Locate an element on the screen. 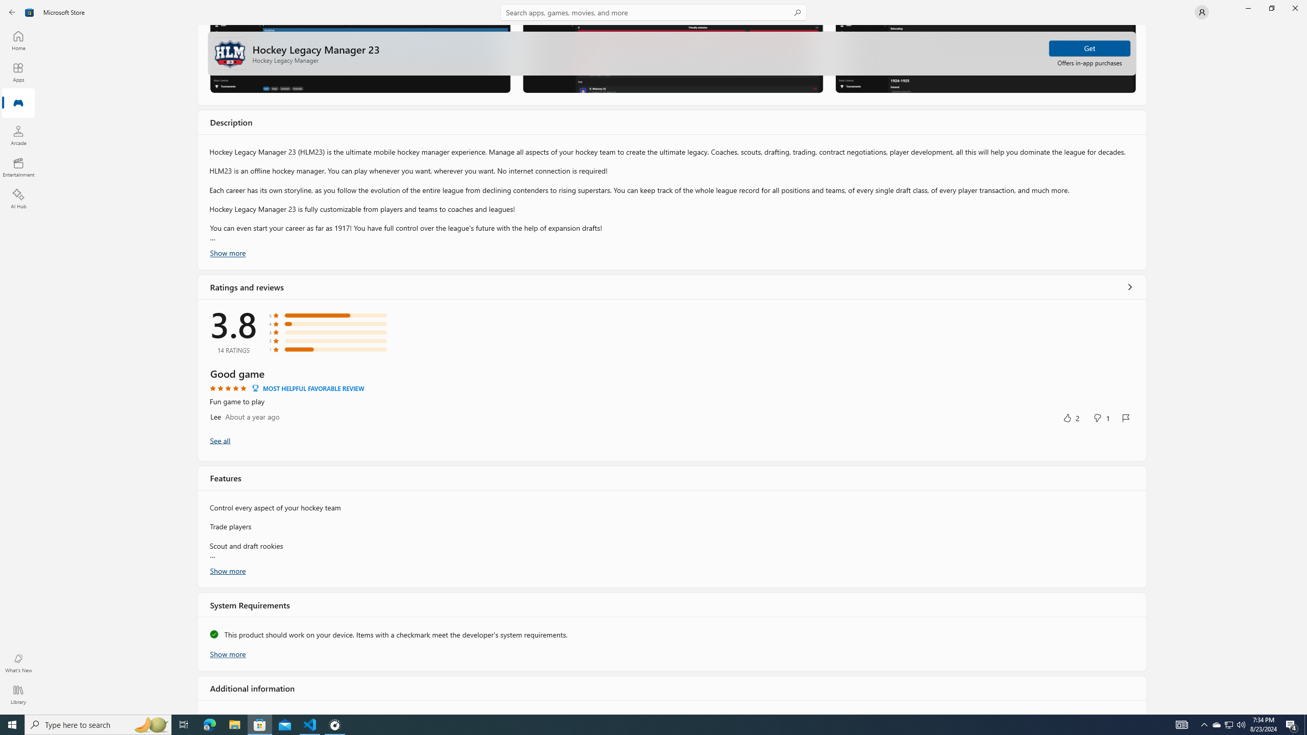 The width and height of the screenshot is (1307, 735). 'Minimize Microsoft Store' is located at coordinates (1247, 8).